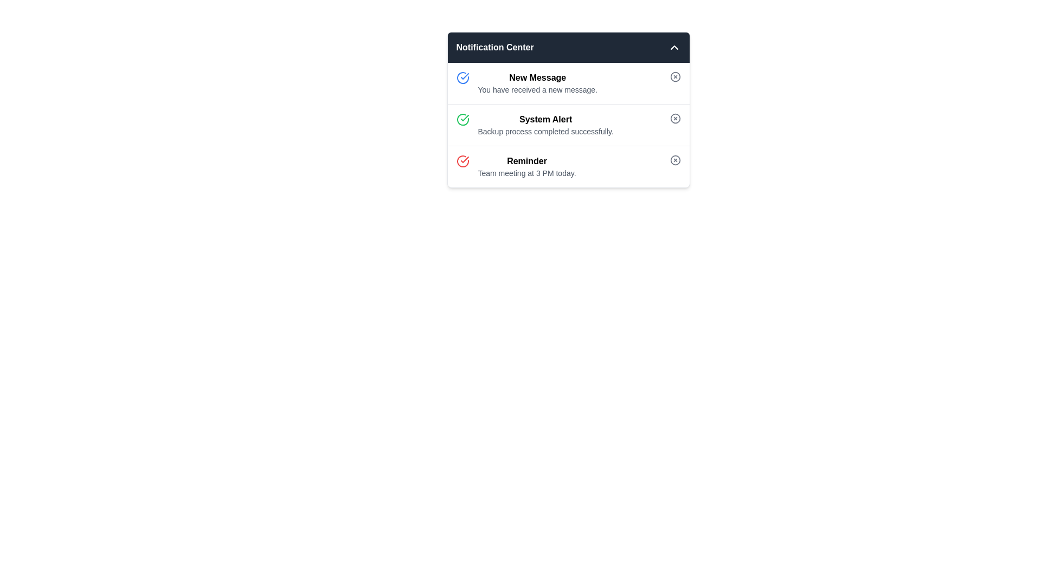 This screenshot has height=585, width=1041. Describe the element at coordinates (545, 131) in the screenshot. I see `the text element displaying 'Backup process completed successfully.' located below the 'System Alert' header in the Notification Center panel` at that location.